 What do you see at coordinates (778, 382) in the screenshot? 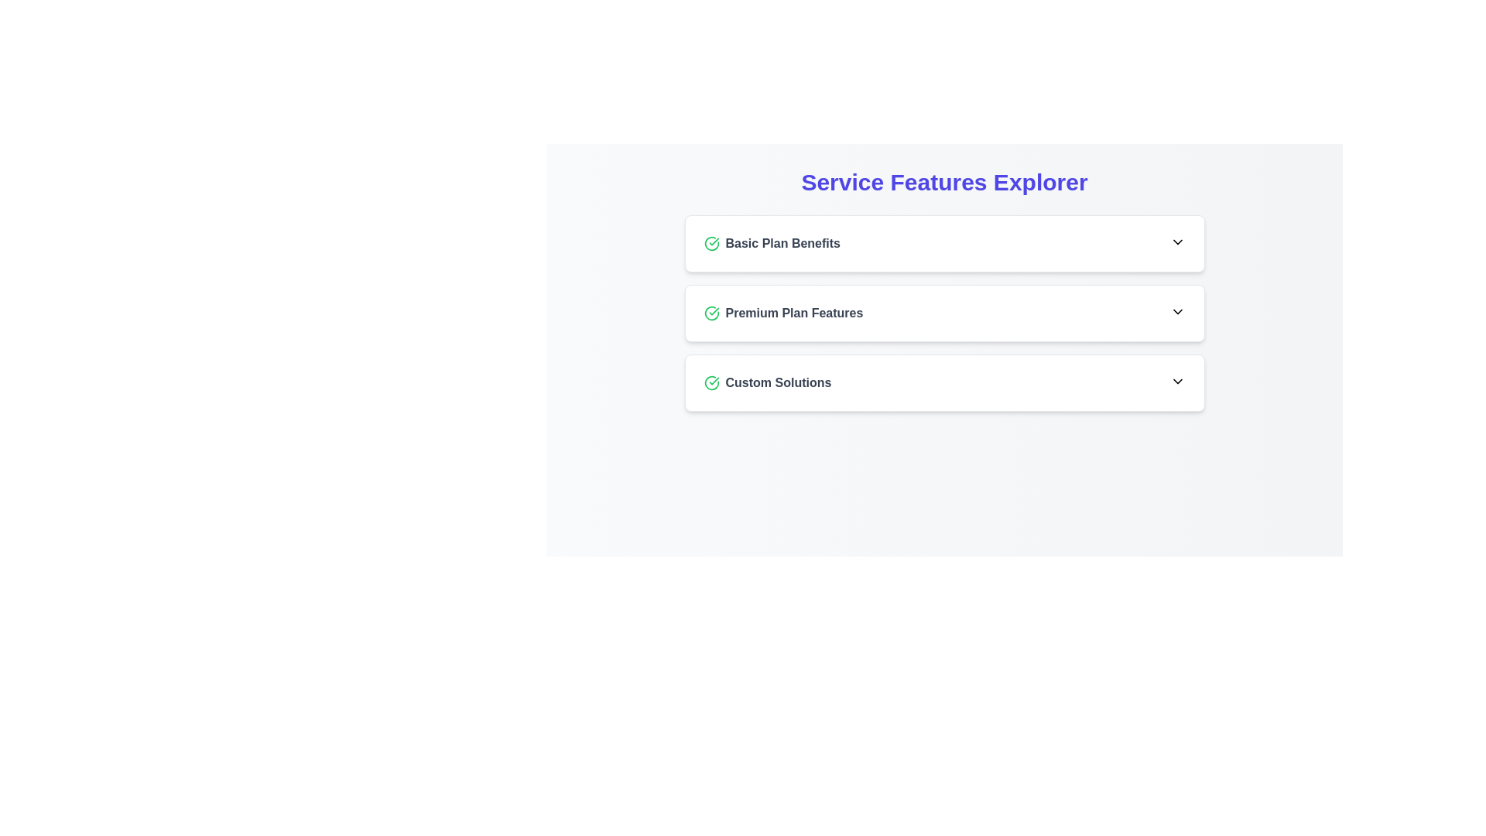
I see `the 'Custom Solutions' text label located under 'Service Features Explorer' to the right of the green checkmark icon` at bounding box center [778, 382].